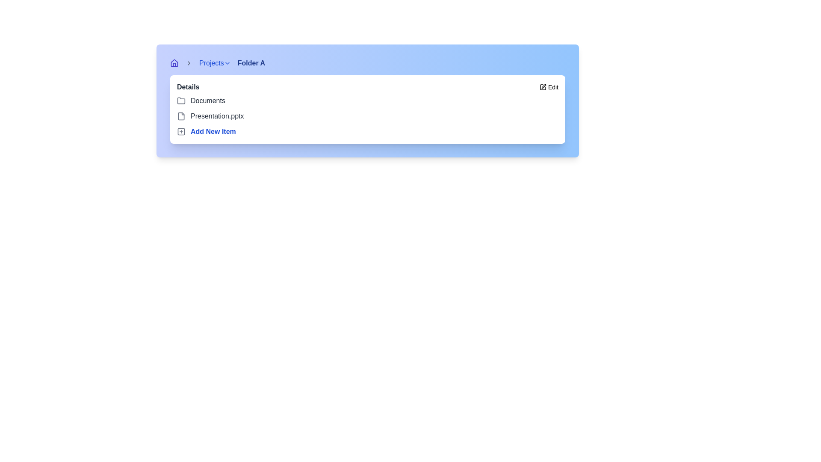 This screenshot has height=462, width=821. What do you see at coordinates (215, 62) in the screenshot?
I see `the hyperlinked text labeled 'Projects' in the breadcrumb navigation bar` at bounding box center [215, 62].